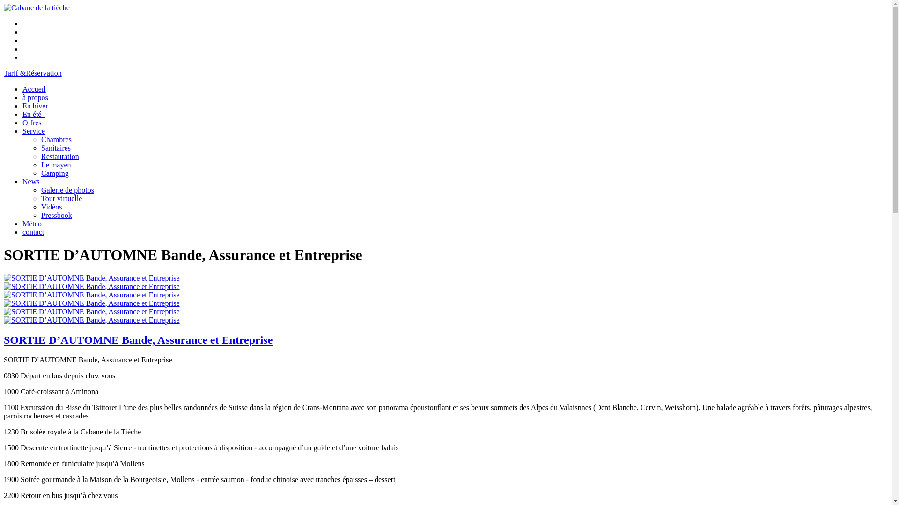 The image size is (899, 505). I want to click on 'Offres', so click(32, 122).